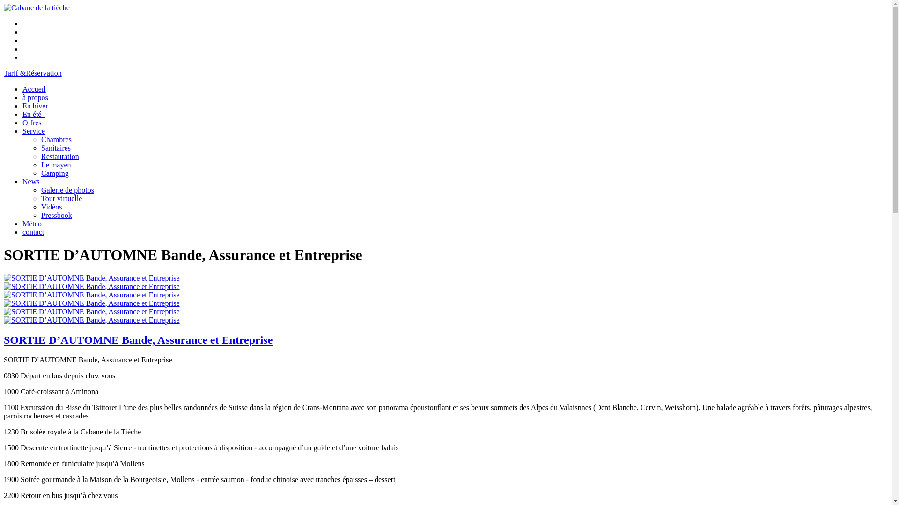 The image size is (899, 505). I want to click on 'Offres', so click(32, 122).